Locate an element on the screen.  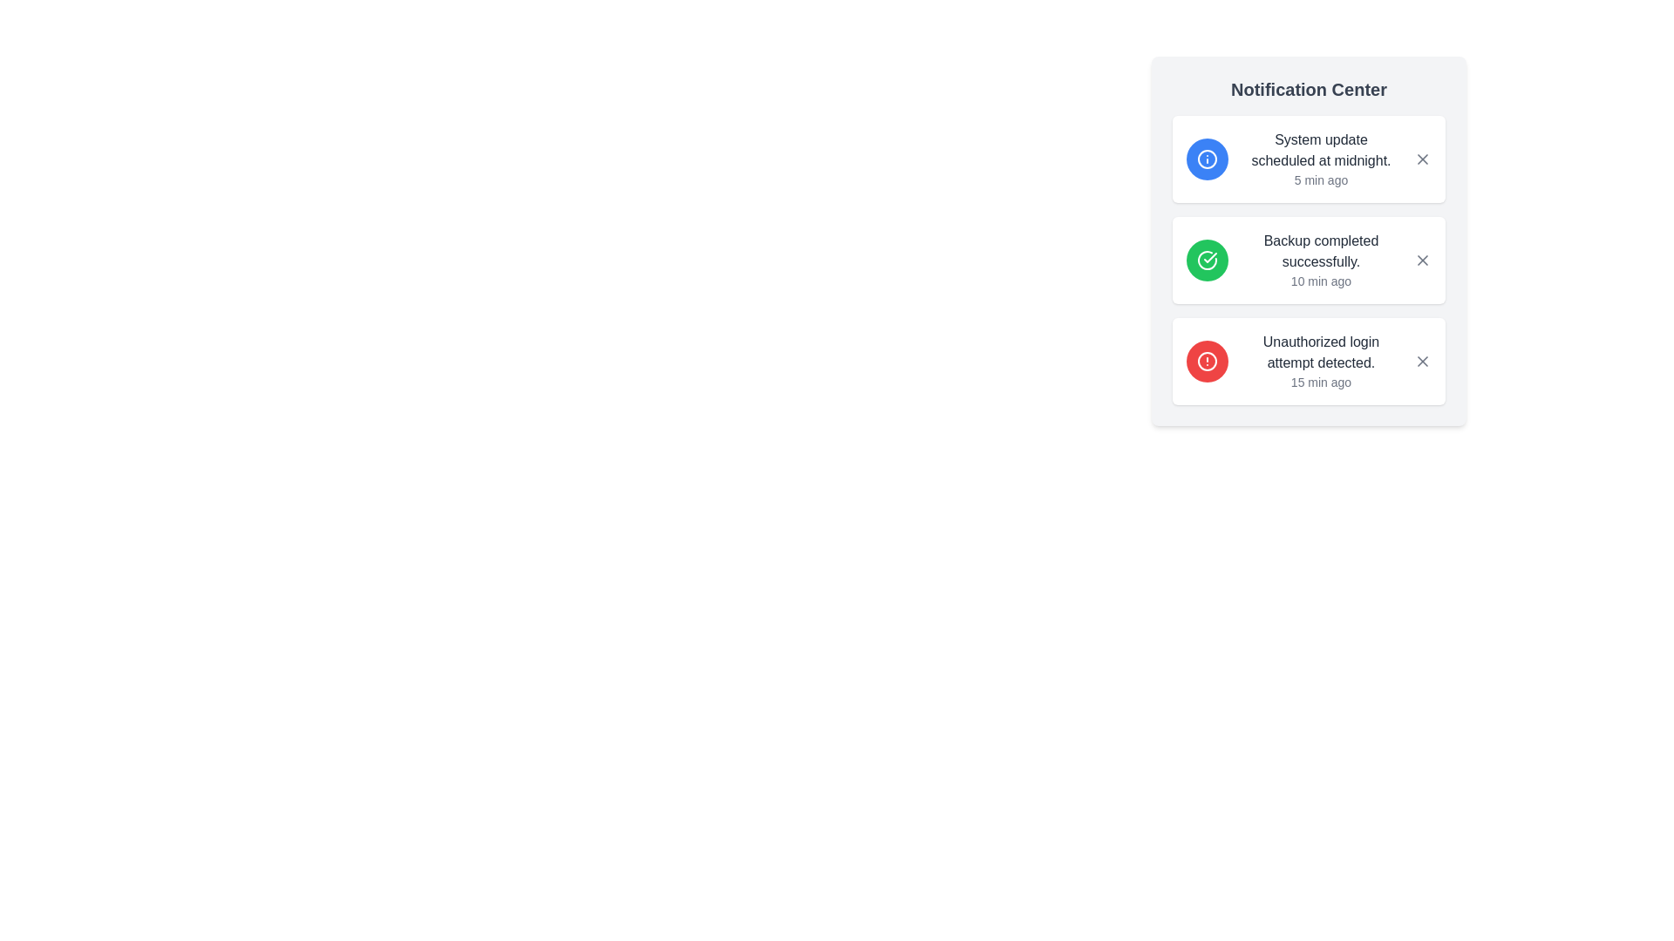
the label displaying '10 min ago' in light gray text, located beneath 'Backup completed successfully.' in the notification card within the Notification Center is located at coordinates (1321, 281).